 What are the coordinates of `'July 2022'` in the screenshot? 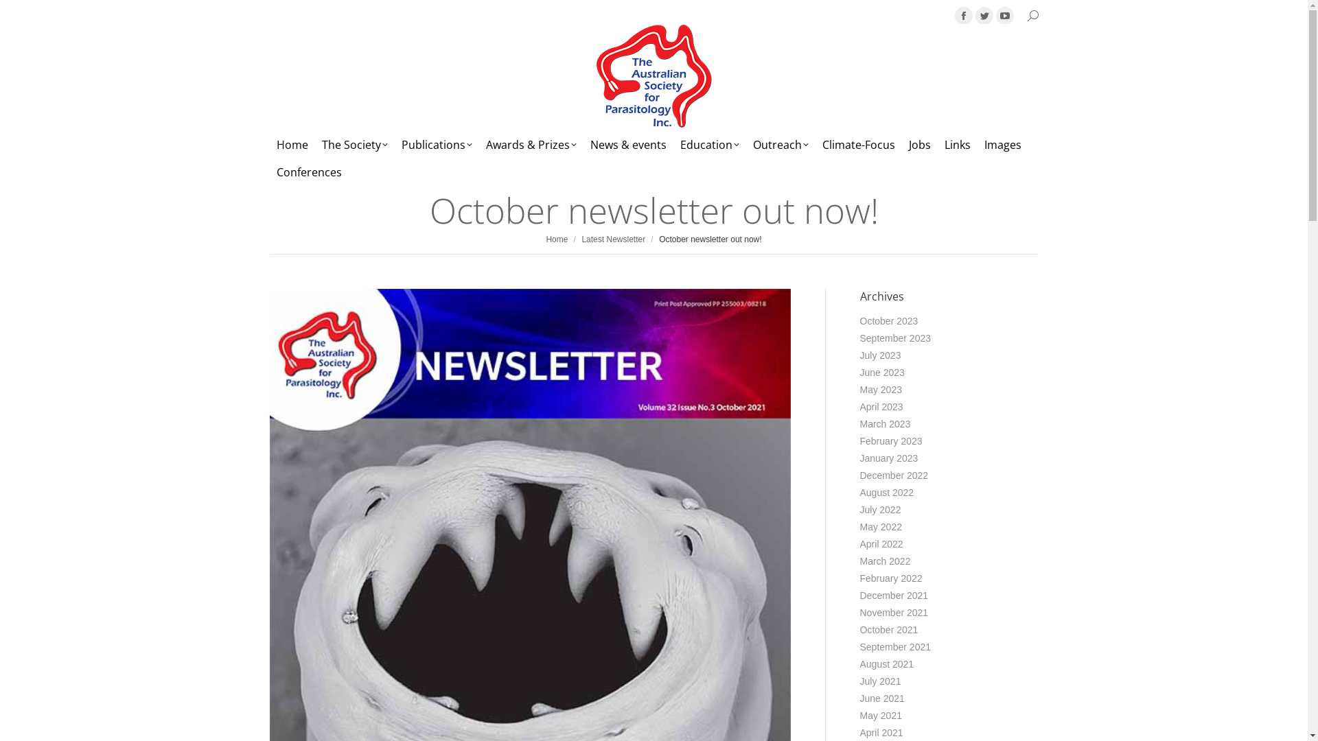 It's located at (879, 510).